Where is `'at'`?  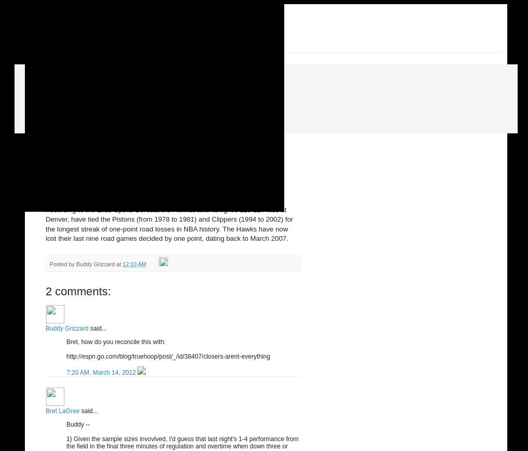
'at' is located at coordinates (115, 264).